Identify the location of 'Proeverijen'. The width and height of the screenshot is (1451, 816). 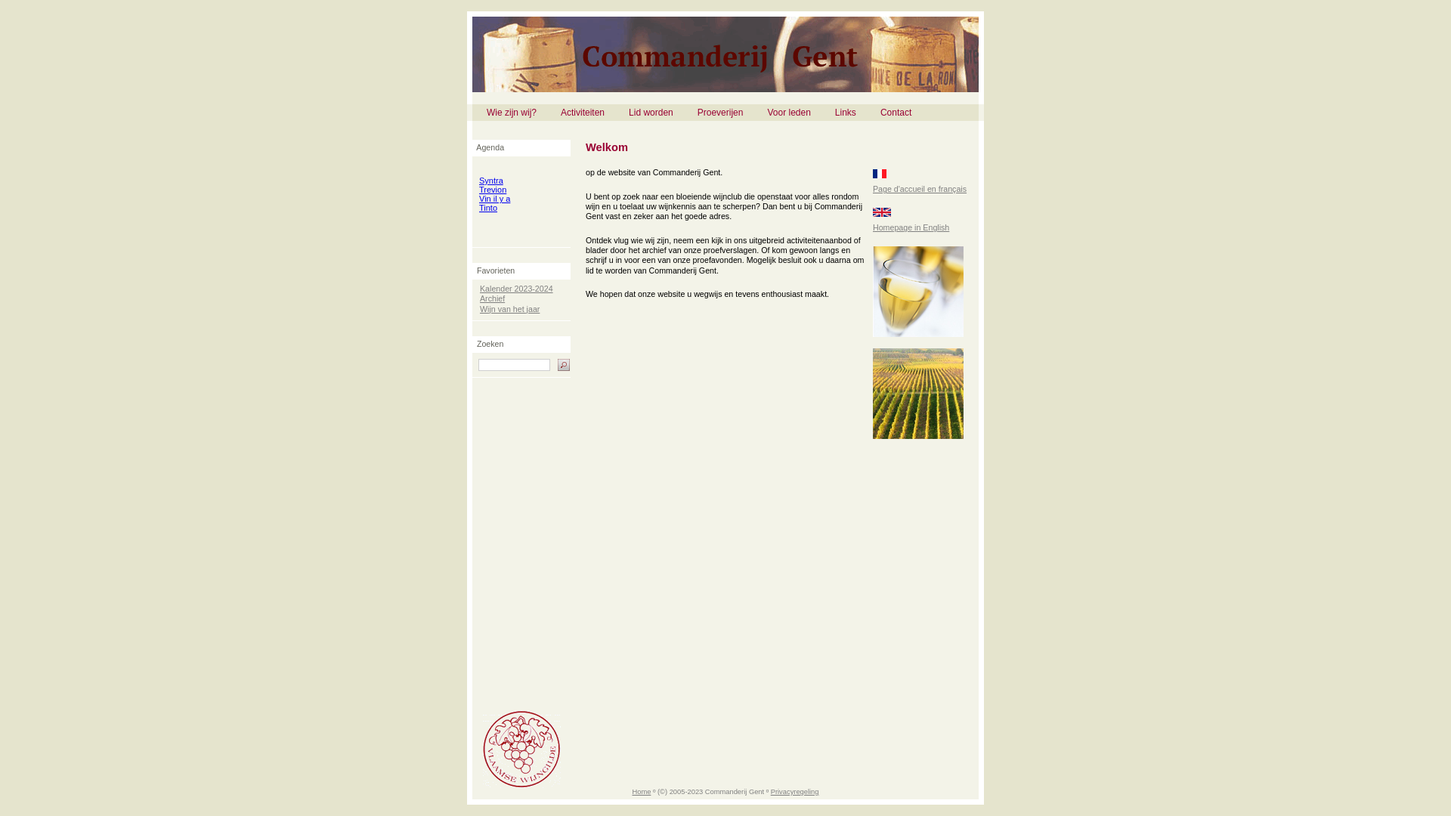
(719, 112).